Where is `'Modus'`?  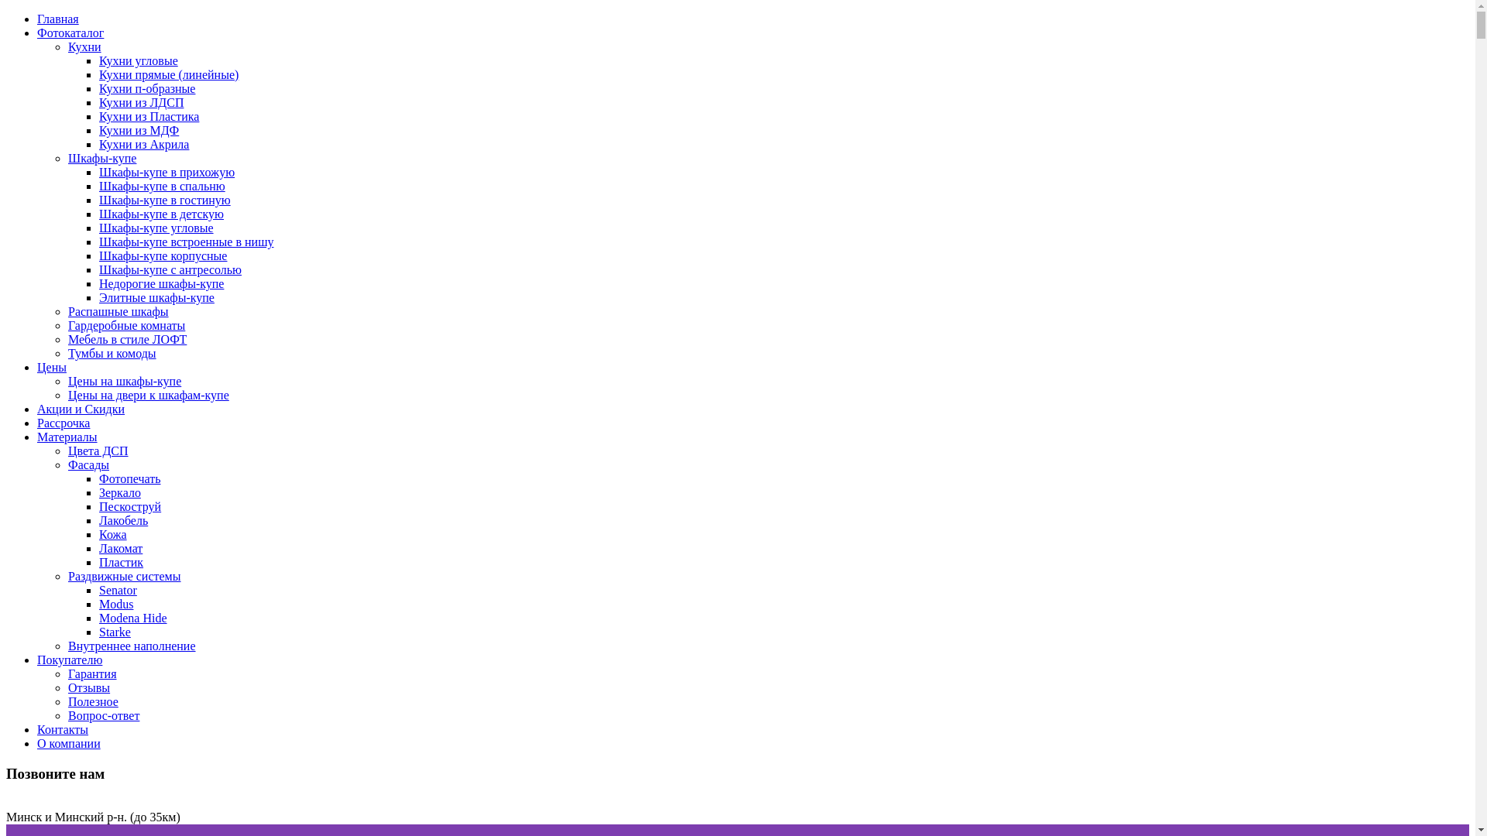
'Modus' is located at coordinates (115, 603).